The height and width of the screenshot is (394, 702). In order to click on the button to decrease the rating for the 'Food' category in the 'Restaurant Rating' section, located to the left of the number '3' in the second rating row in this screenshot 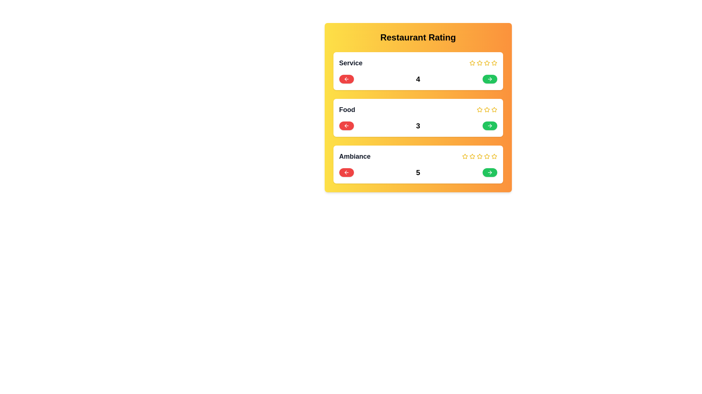, I will do `click(346, 125)`.